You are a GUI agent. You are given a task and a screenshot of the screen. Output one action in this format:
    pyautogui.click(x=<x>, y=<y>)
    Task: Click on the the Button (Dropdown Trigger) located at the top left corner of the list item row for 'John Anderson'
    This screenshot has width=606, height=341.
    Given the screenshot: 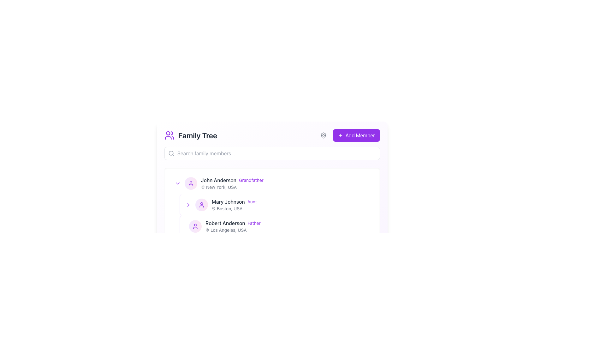 What is the action you would take?
    pyautogui.click(x=177, y=183)
    